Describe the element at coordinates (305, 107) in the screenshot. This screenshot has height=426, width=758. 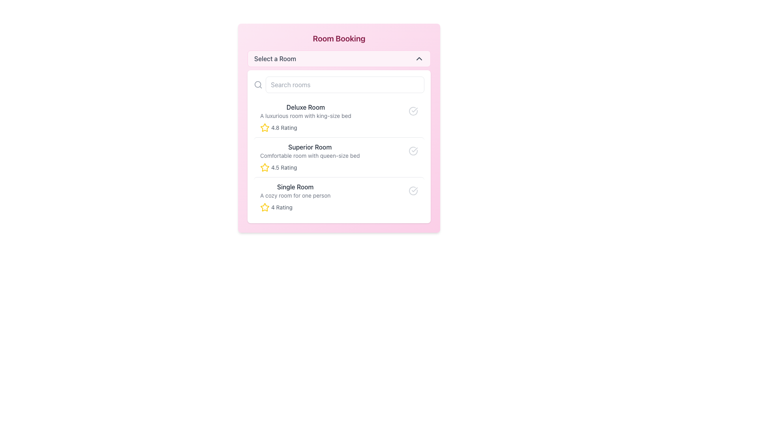
I see `the title text label for the room option in the room selection interface, which is positioned above the description text 'A luxurious room with king-size bed'` at that location.